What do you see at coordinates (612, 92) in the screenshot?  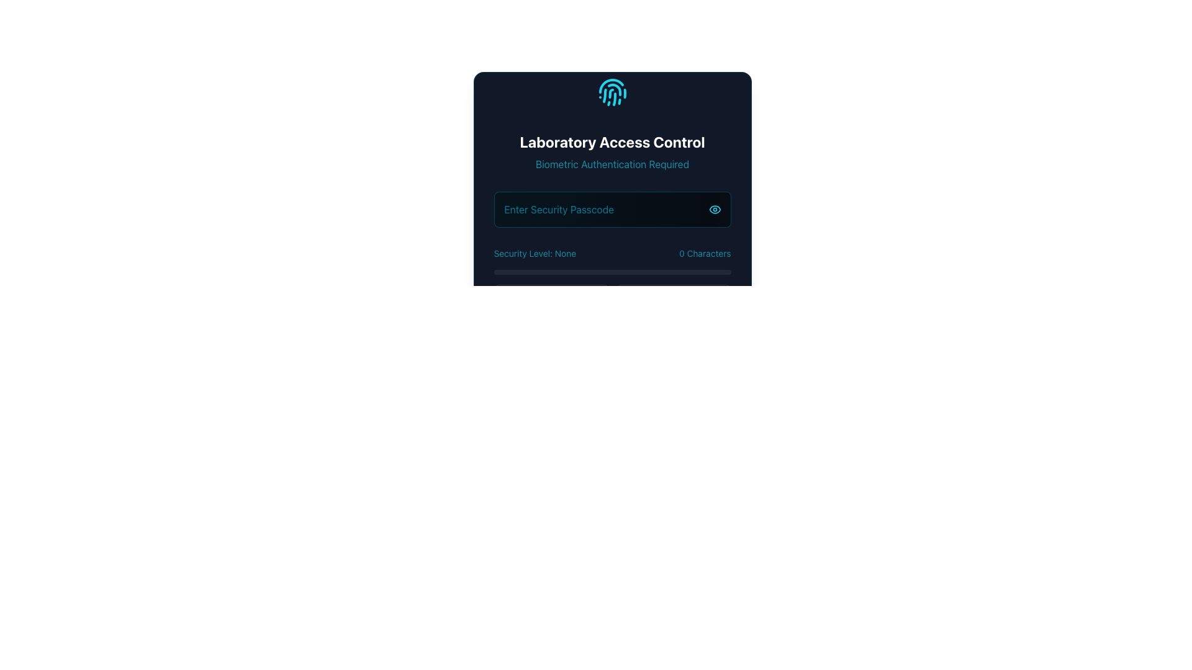 I see `the visual highlight or focus ring for the fingerprint icon, which is positioned at the top-center of the interface panel, above the 'Laboratory Access Control' text` at bounding box center [612, 92].